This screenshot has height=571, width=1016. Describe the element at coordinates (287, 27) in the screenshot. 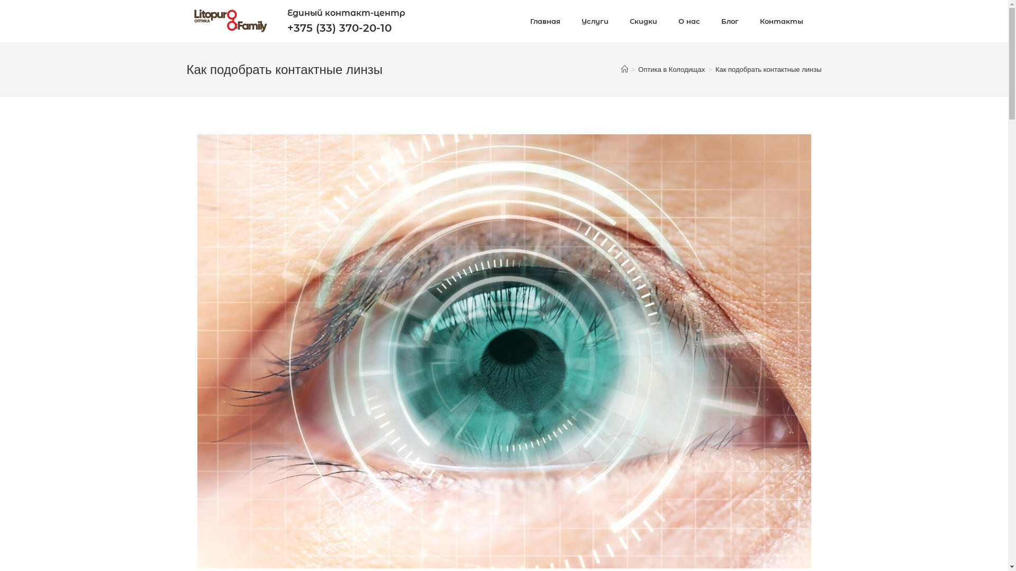

I see `'+375 (33) 370-20-10'` at that location.